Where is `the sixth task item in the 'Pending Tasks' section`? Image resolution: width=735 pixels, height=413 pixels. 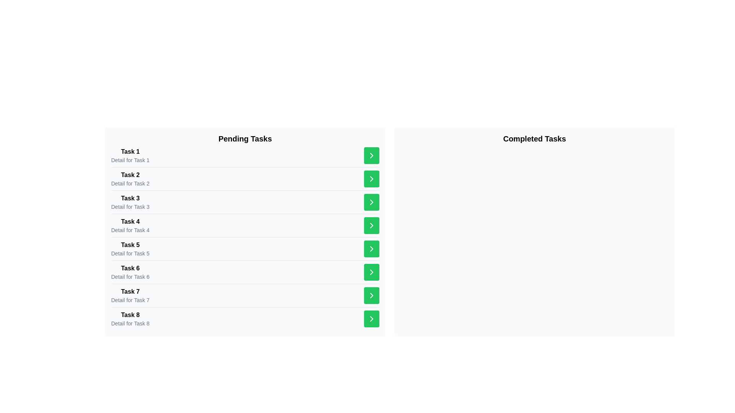 the sixth task item in the 'Pending Tasks' section is located at coordinates (245, 272).